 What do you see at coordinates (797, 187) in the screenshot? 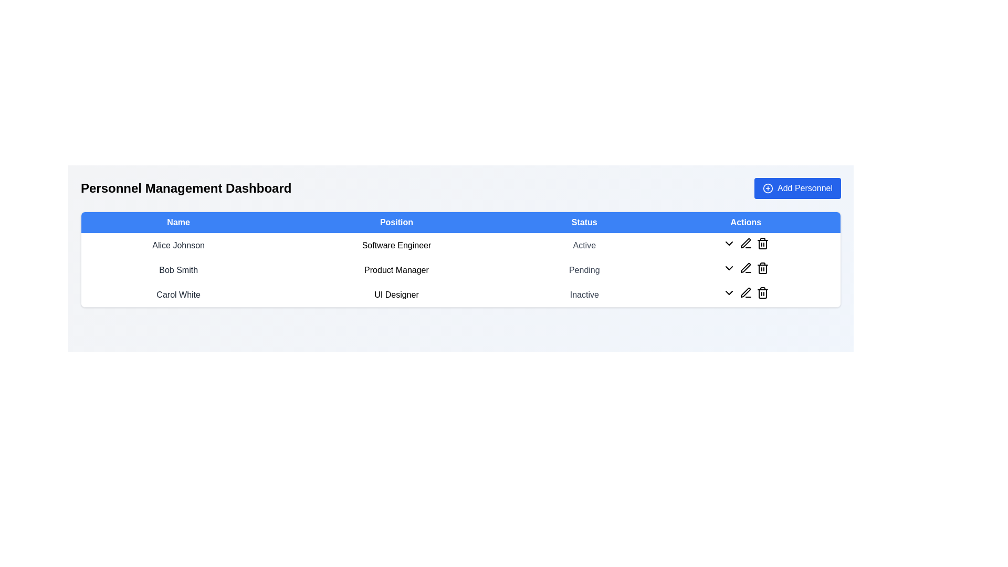
I see `the 'Add Personnel' button located in the top-right corner of the 'Personnel Management Dashboard'` at bounding box center [797, 187].